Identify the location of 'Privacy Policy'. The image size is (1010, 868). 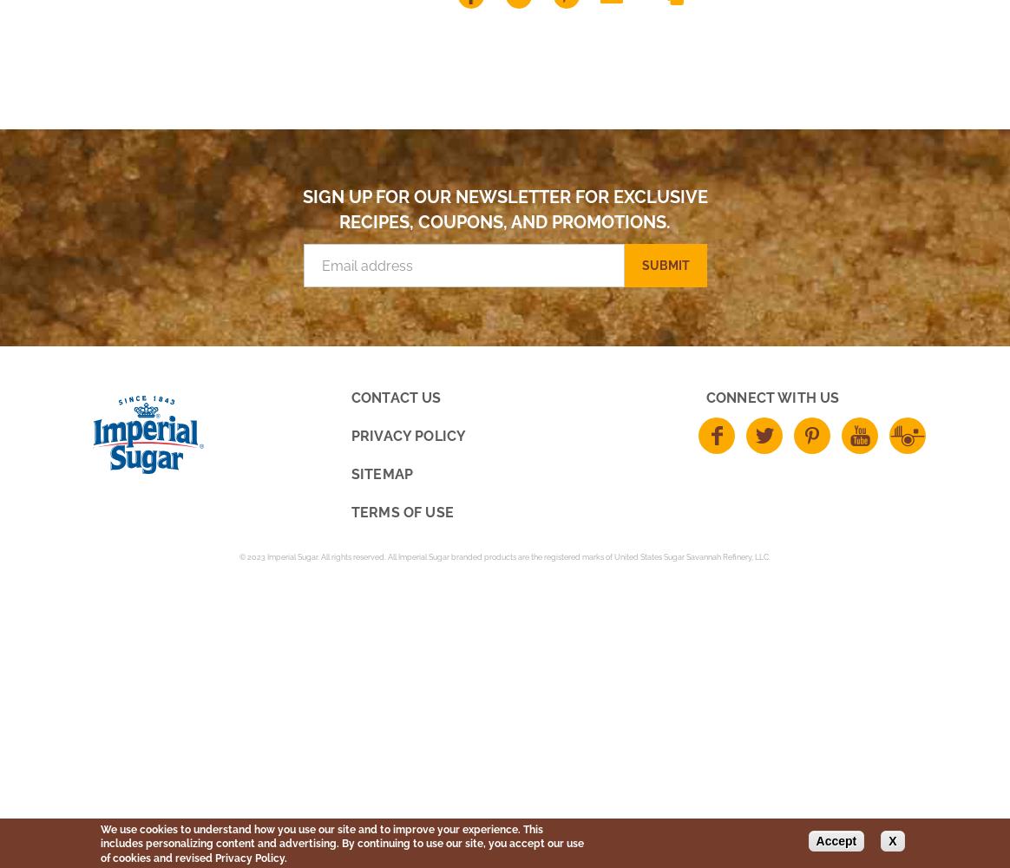
(407, 436).